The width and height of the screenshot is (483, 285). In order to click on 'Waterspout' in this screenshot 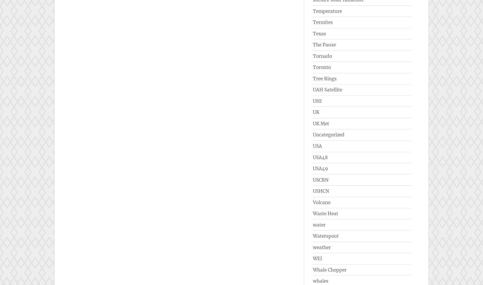, I will do `click(326, 236)`.